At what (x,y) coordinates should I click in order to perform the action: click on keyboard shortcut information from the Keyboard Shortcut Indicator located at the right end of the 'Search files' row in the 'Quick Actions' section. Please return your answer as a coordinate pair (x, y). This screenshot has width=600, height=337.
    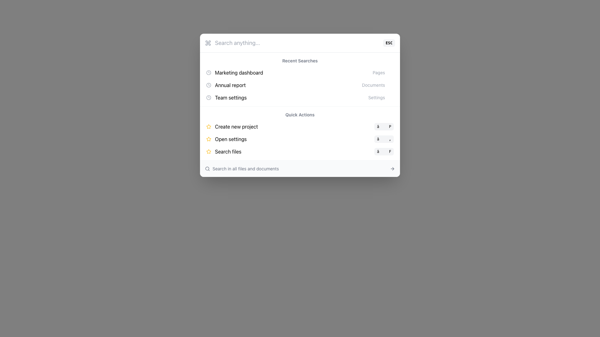
    Looking at the image, I should click on (384, 152).